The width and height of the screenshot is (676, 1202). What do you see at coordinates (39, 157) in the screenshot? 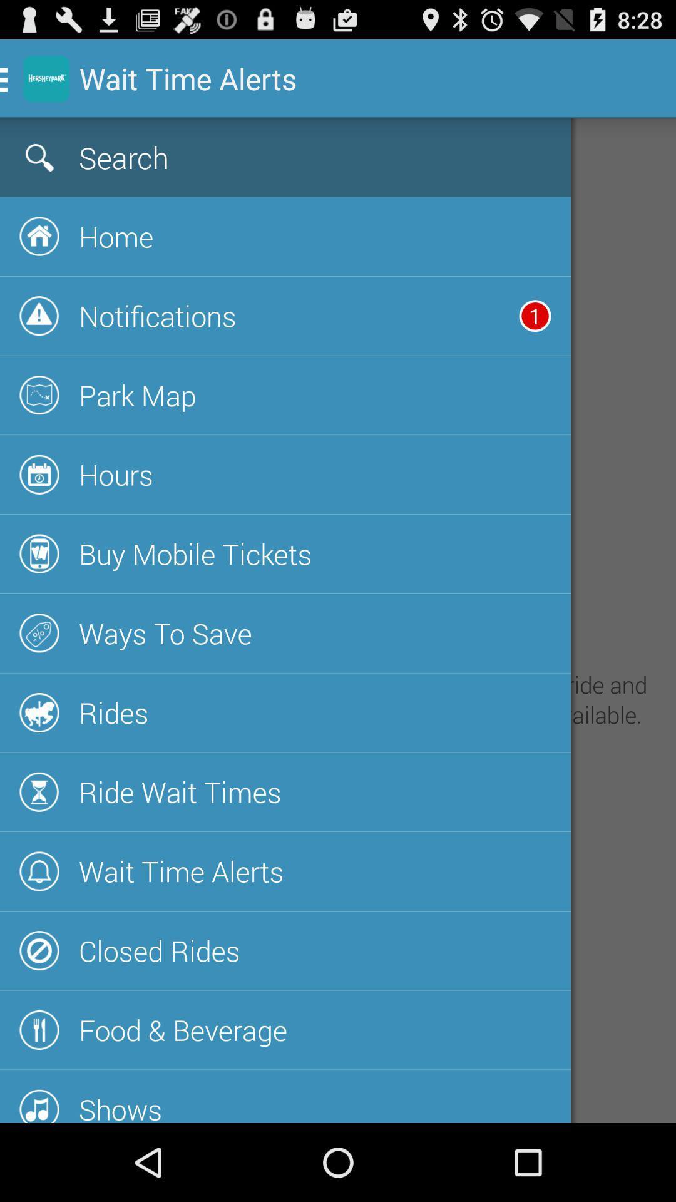
I see `the search icon` at bounding box center [39, 157].